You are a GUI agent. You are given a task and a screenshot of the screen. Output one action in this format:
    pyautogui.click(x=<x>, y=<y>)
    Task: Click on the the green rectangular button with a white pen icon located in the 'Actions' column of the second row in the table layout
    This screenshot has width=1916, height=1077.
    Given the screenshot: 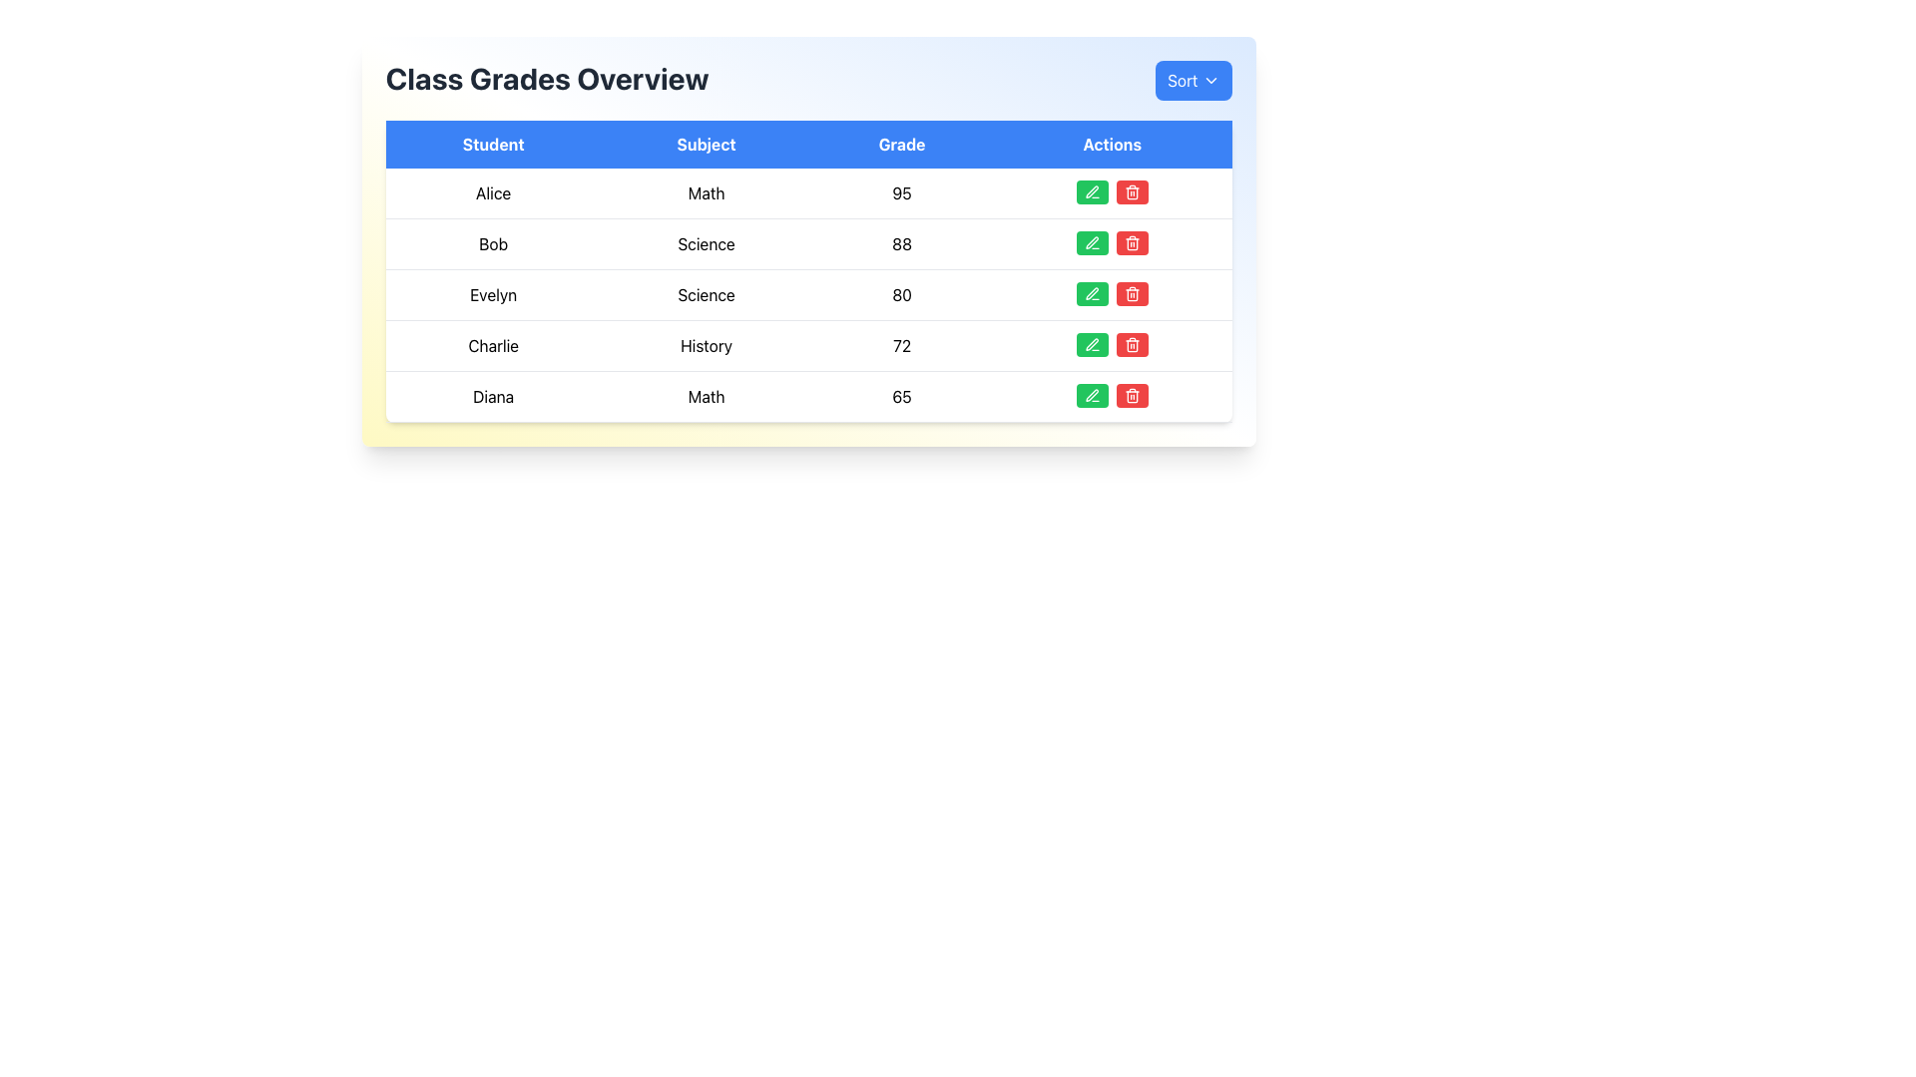 What is the action you would take?
    pyautogui.click(x=1091, y=241)
    